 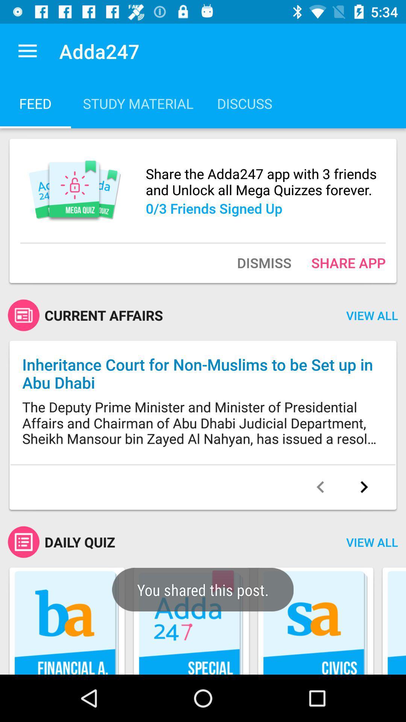 I want to click on the arrow_backward icon, so click(x=320, y=487).